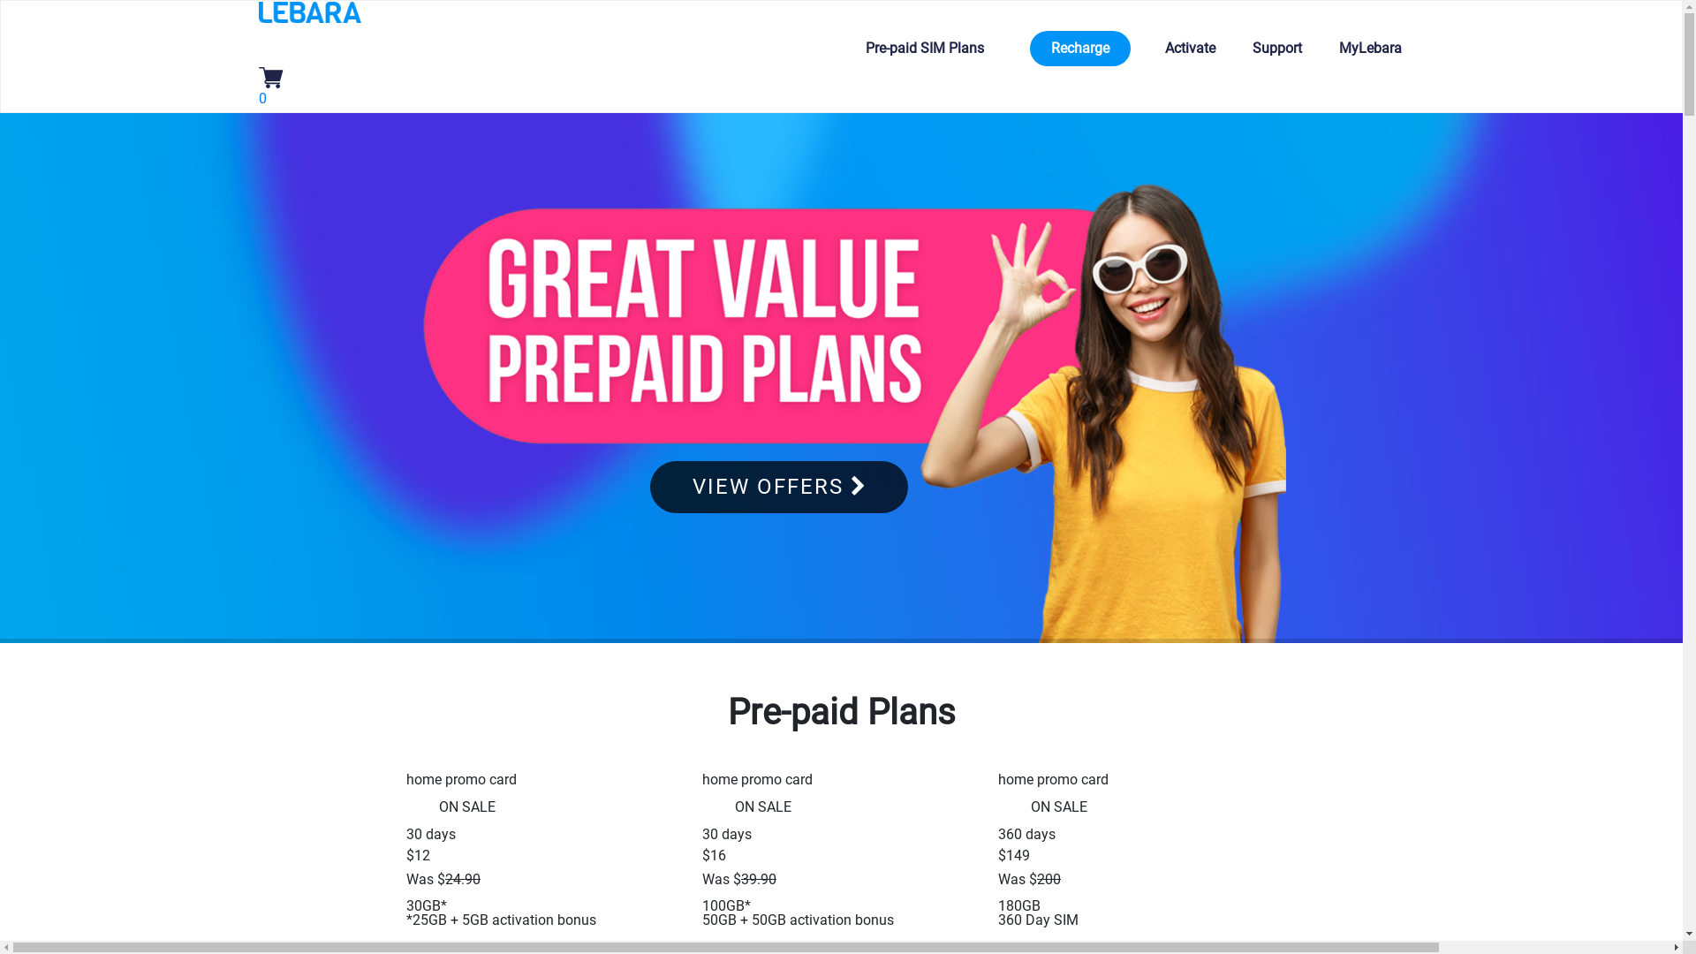 This screenshot has height=954, width=1696. What do you see at coordinates (852, 47) in the screenshot?
I see `'Pre-paid SIM Plans'` at bounding box center [852, 47].